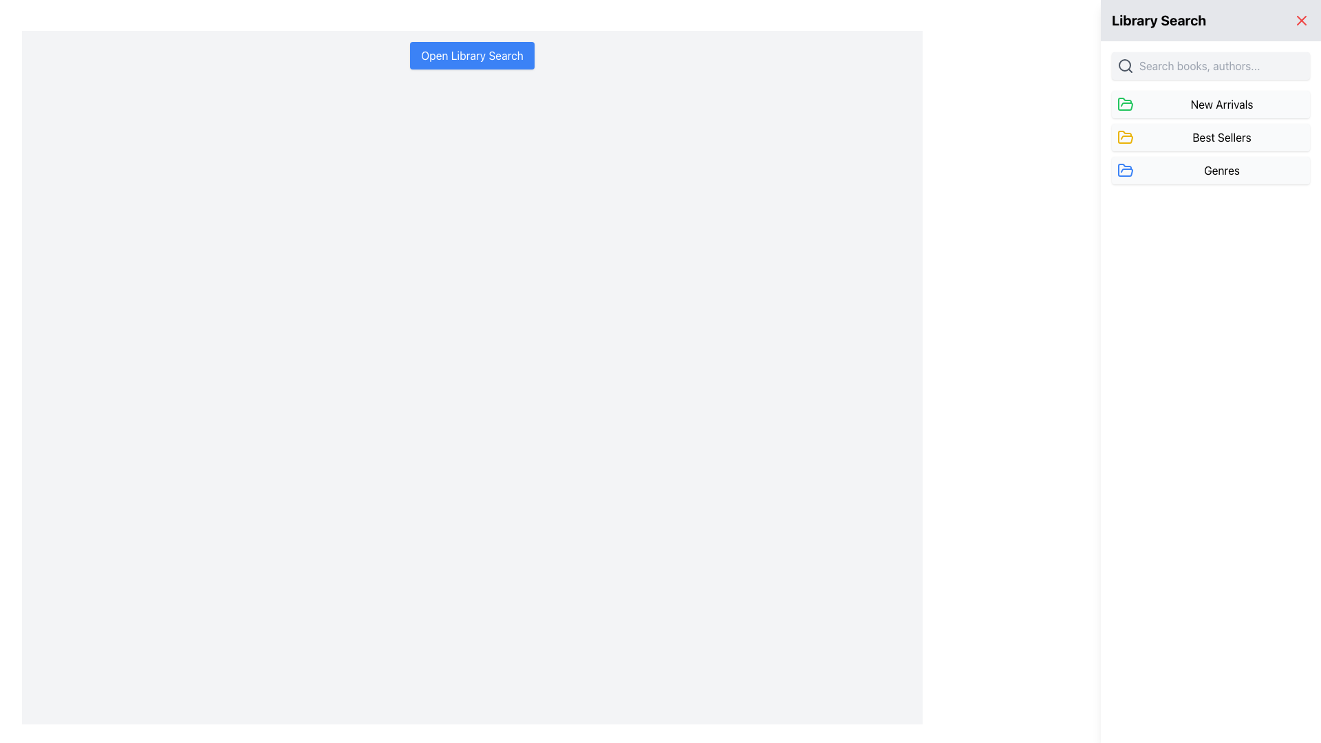  I want to click on the appearance of the yellow folder icon representing the 'Best Sellers' category in the 'Library Search' panel, so click(1126, 137).